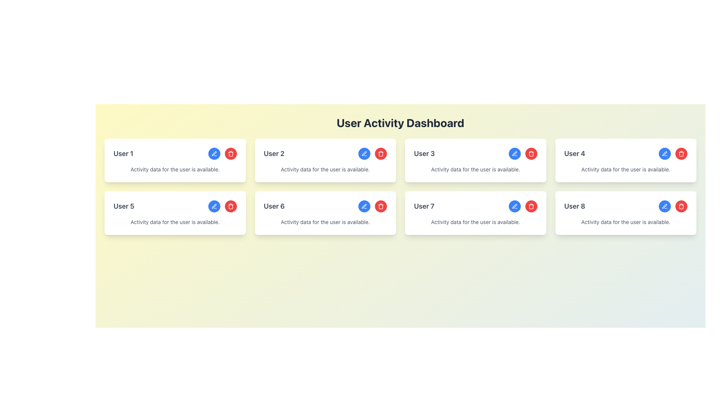 Image resolution: width=722 pixels, height=406 pixels. I want to click on the pen icon button located in the action button area of the 'User 3' card, so click(514, 153).